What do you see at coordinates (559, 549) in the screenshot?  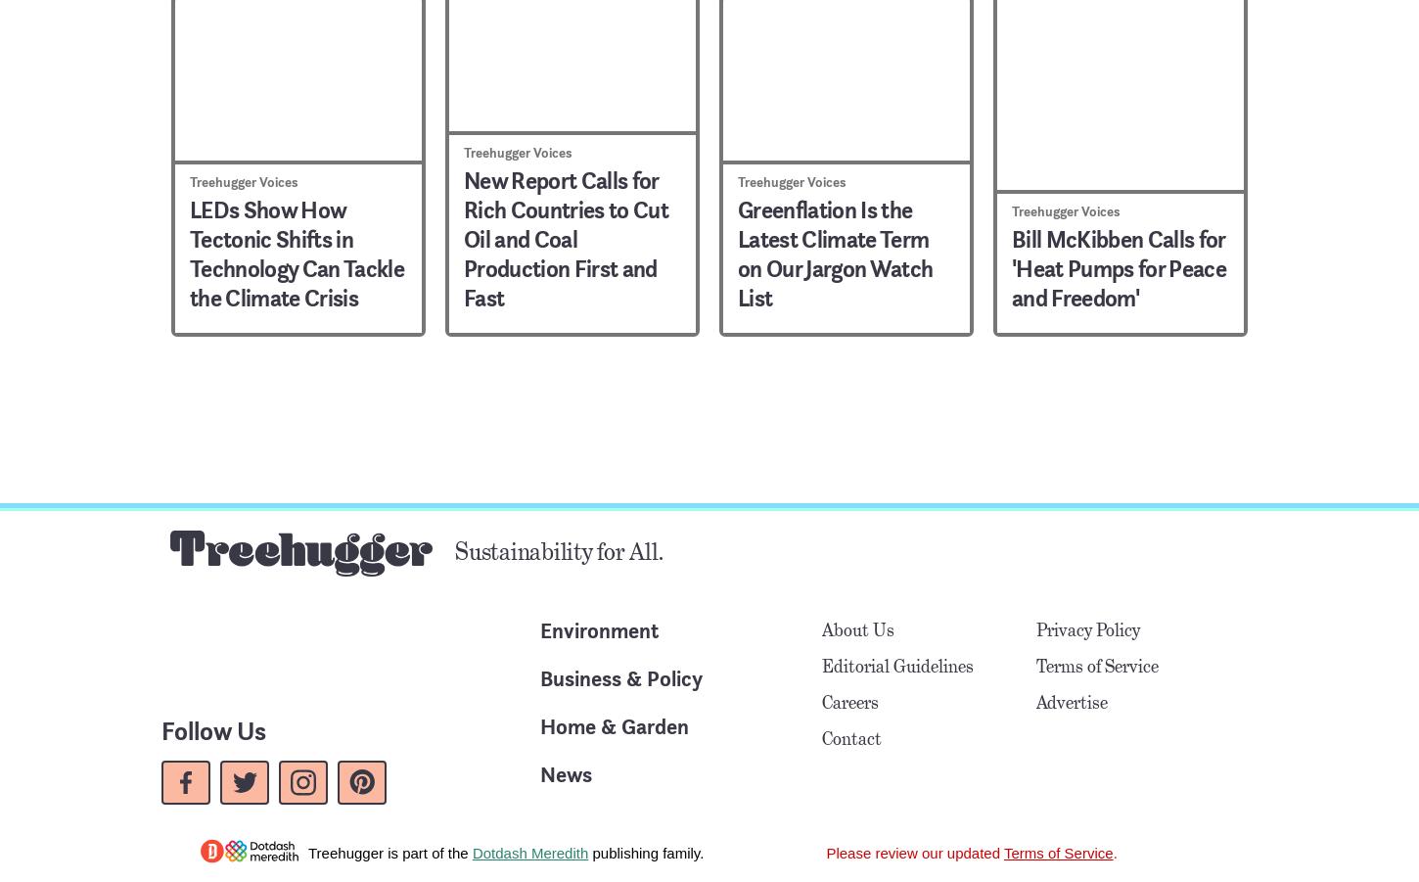 I see `'Sustainability for All.'` at bounding box center [559, 549].